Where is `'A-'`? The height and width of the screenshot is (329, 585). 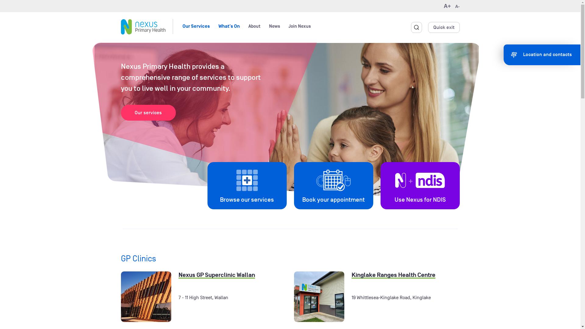
'A-' is located at coordinates (457, 6).